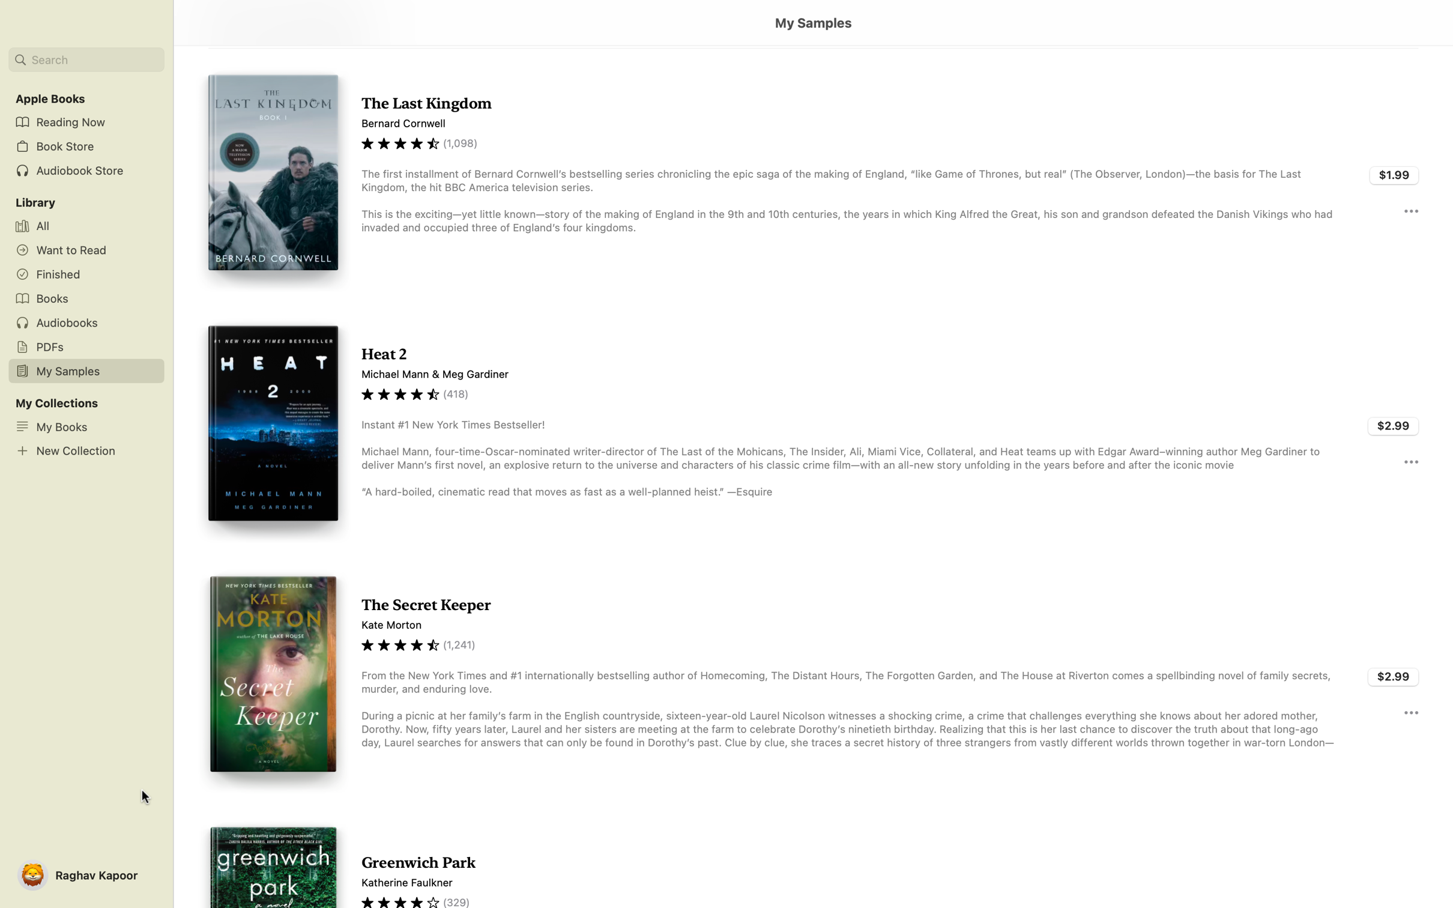 Image resolution: width=1453 pixels, height=908 pixels. What do you see at coordinates (2732366, 1001524) in the screenshot?
I see `Scroll down slightly to view the "Greenwich Park" book` at bounding box center [2732366, 1001524].